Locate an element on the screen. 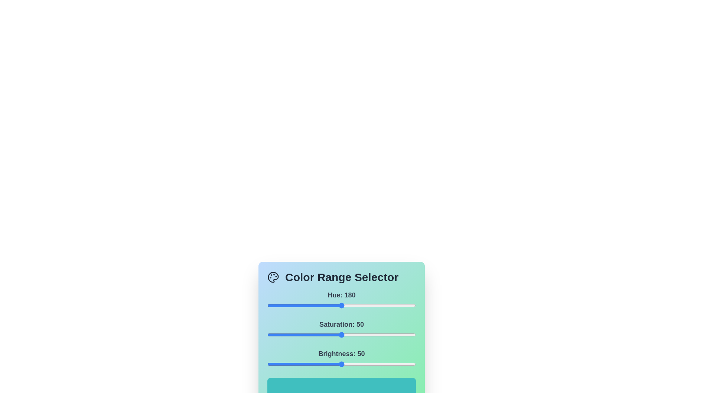 The height and width of the screenshot is (401, 713). the 0 slider to 102 is located at coordinates (309, 305).